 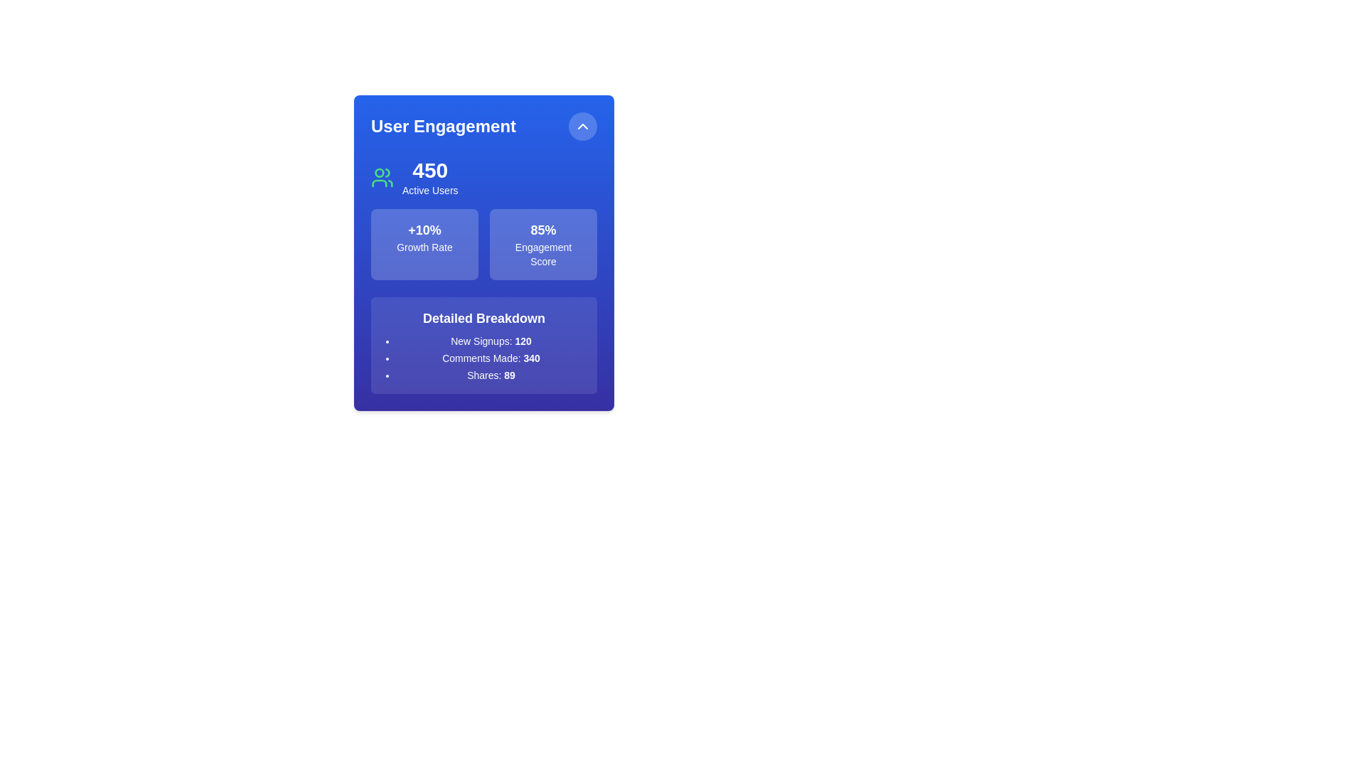 What do you see at coordinates (542, 254) in the screenshot?
I see `the descriptive text label located below the numerical percentage ('85%') in the upper right section of the user engagement interface` at bounding box center [542, 254].